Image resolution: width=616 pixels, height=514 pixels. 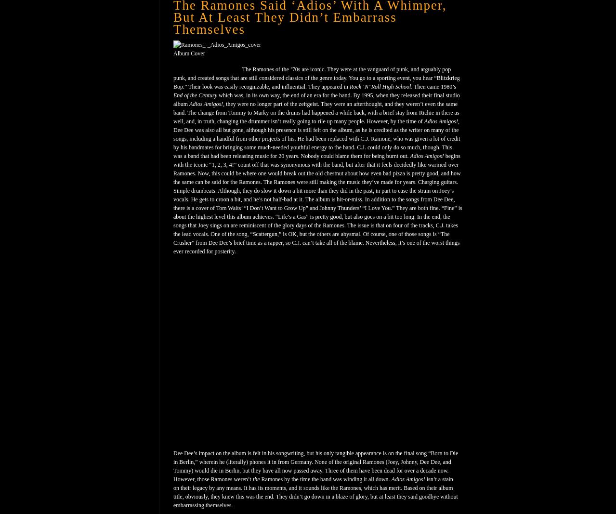 What do you see at coordinates (433, 87) in the screenshot?
I see `'. Then came 1980’s'` at bounding box center [433, 87].